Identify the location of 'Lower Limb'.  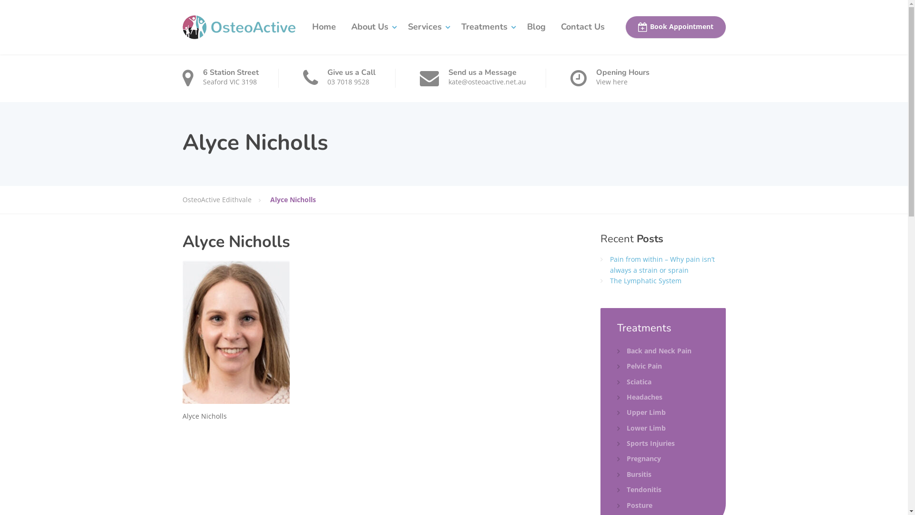
(641, 428).